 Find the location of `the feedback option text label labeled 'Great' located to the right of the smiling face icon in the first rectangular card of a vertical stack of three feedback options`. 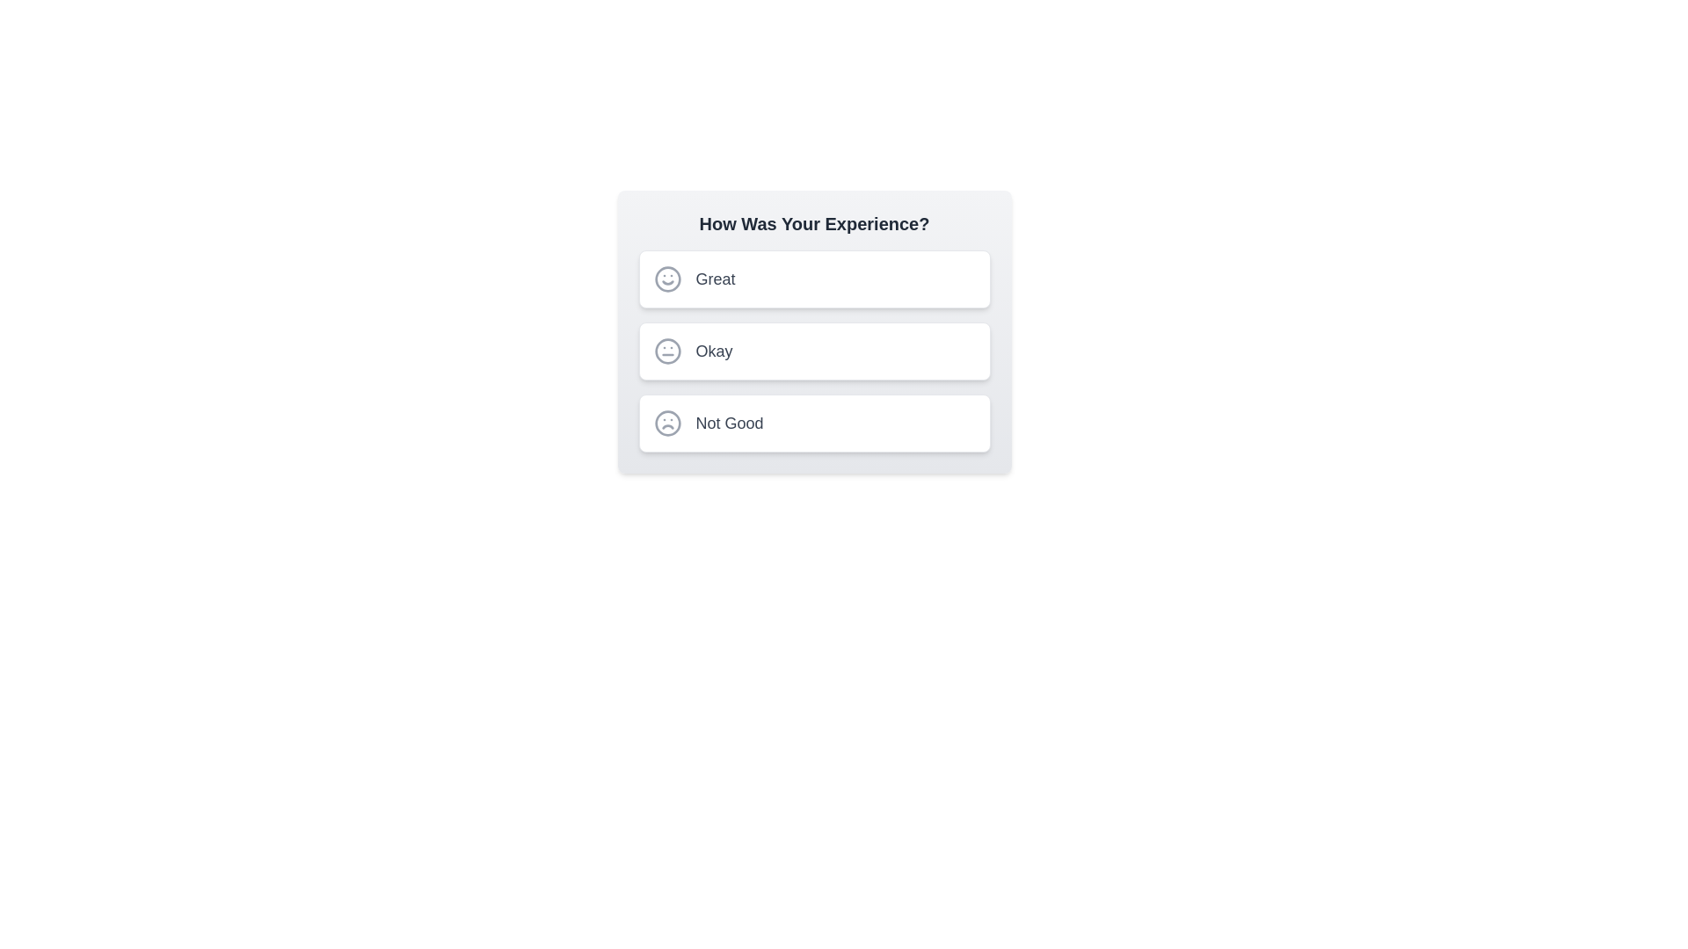

the feedback option text label labeled 'Great' located to the right of the smiling face icon in the first rectangular card of a vertical stack of three feedback options is located at coordinates (716, 278).